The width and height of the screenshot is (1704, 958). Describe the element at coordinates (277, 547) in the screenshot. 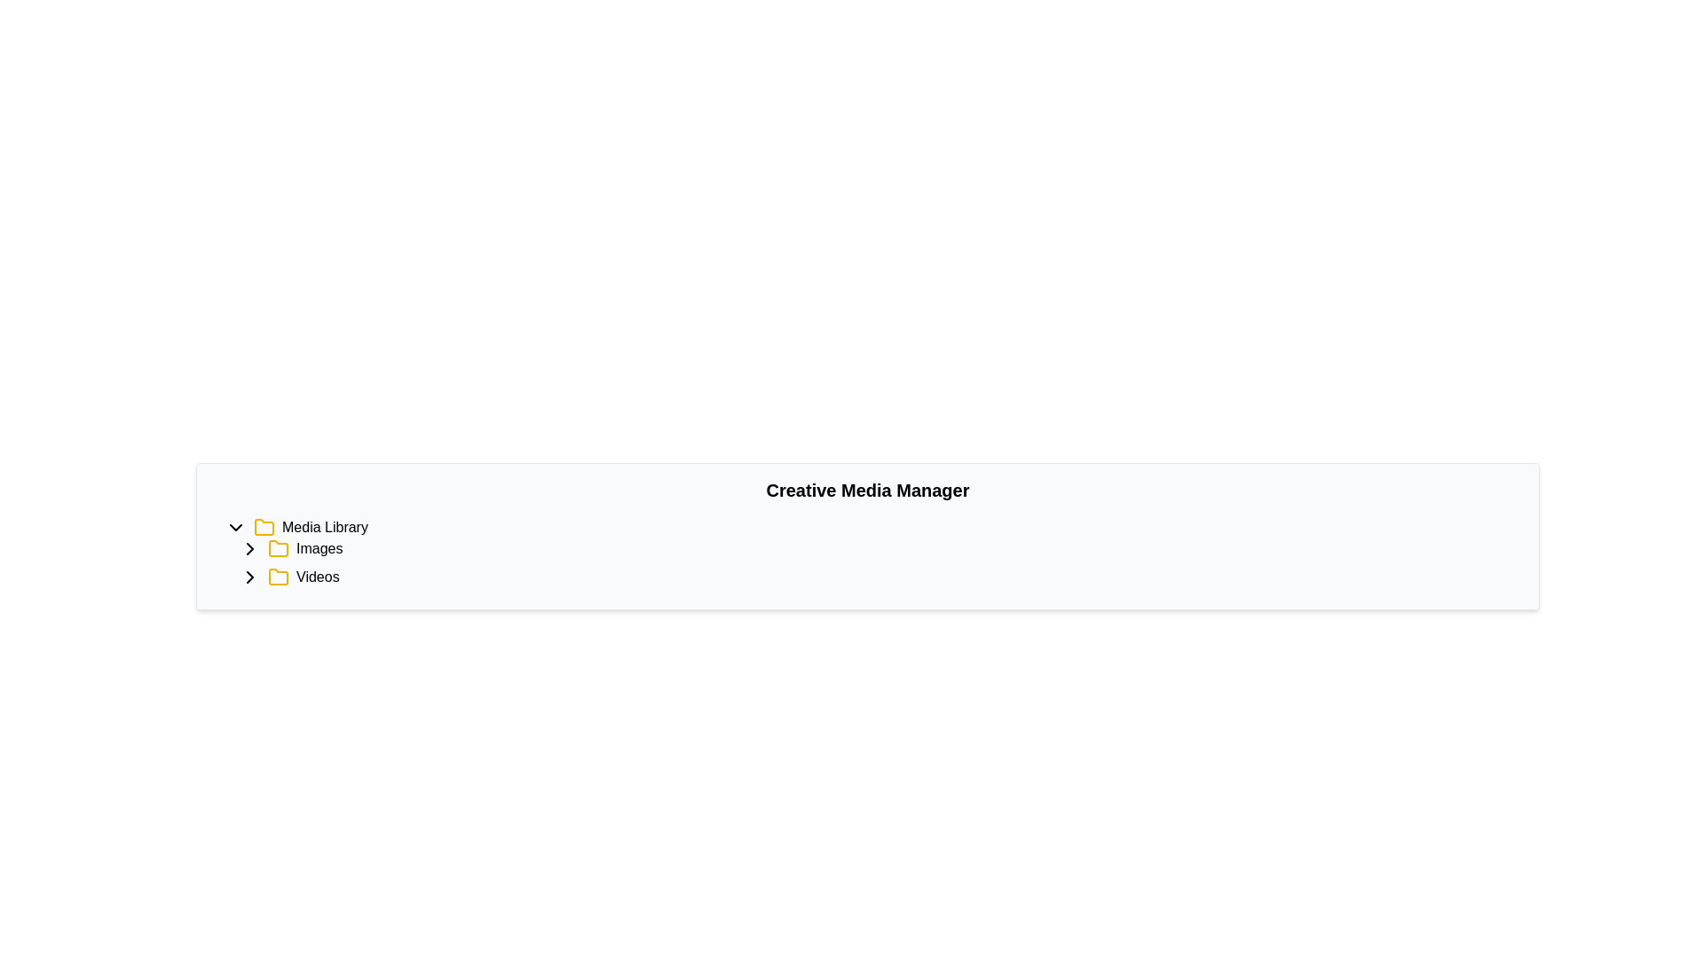

I see `the yellow folder icon outlined in black, which is located next to the label 'Images' in the media library hierarchy` at that location.